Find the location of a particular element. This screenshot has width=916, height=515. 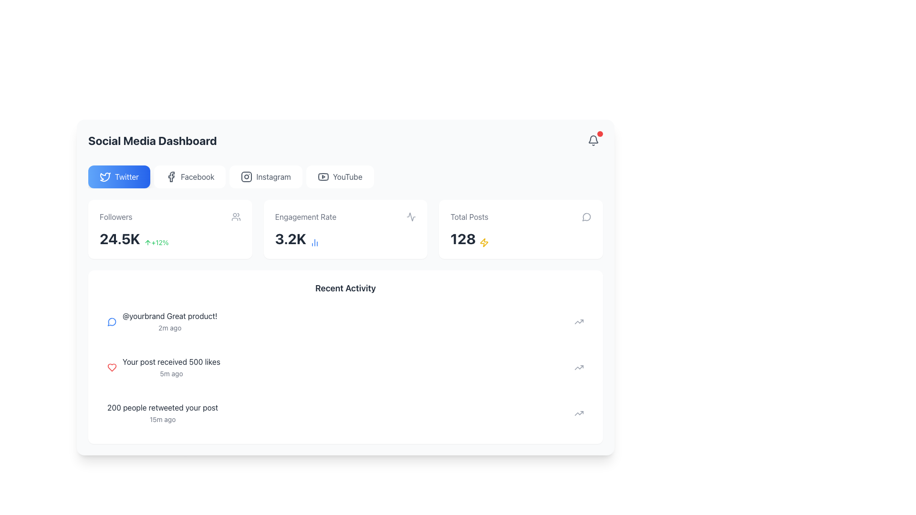

the 'YouTube' label, which is styled in a modern sans-serif font and located in the social media navigation bar is located at coordinates (347, 176).